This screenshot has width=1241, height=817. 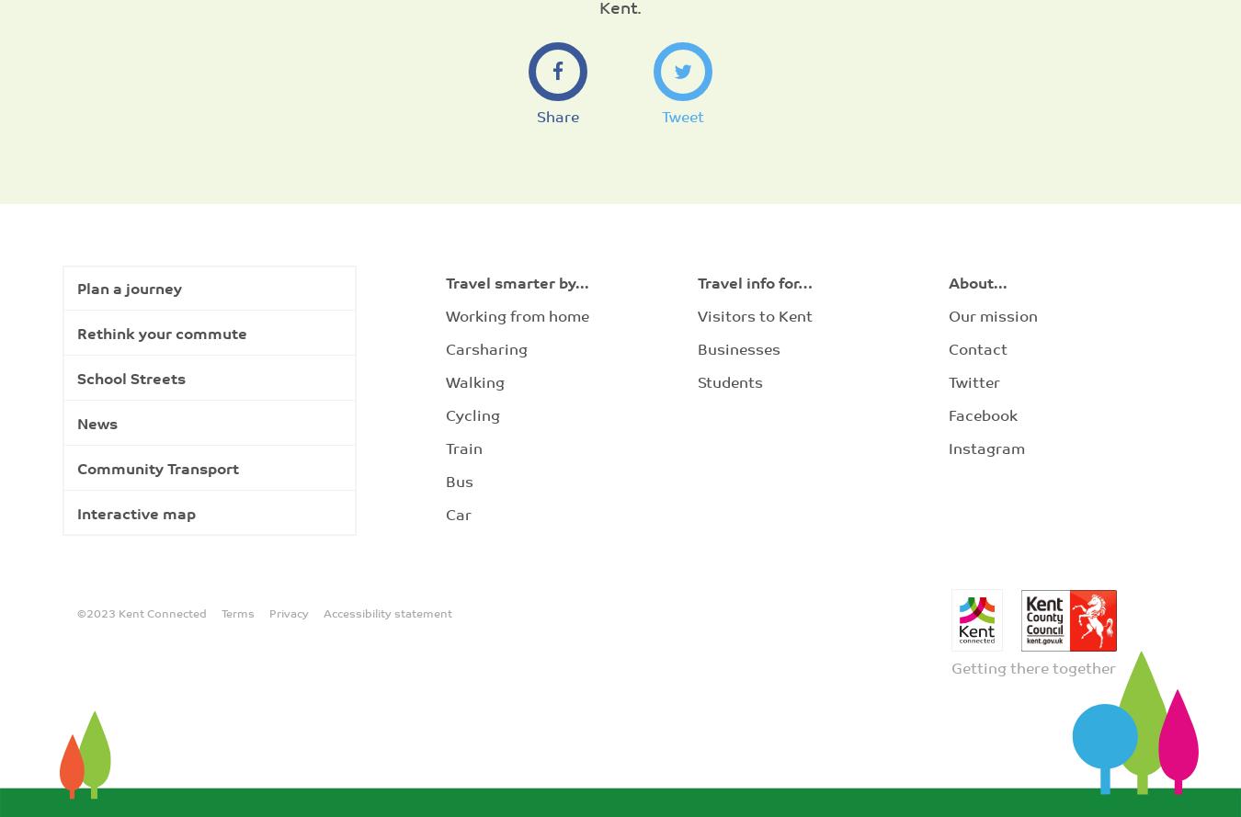 I want to click on 'Privacy', so click(x=268, y=612).